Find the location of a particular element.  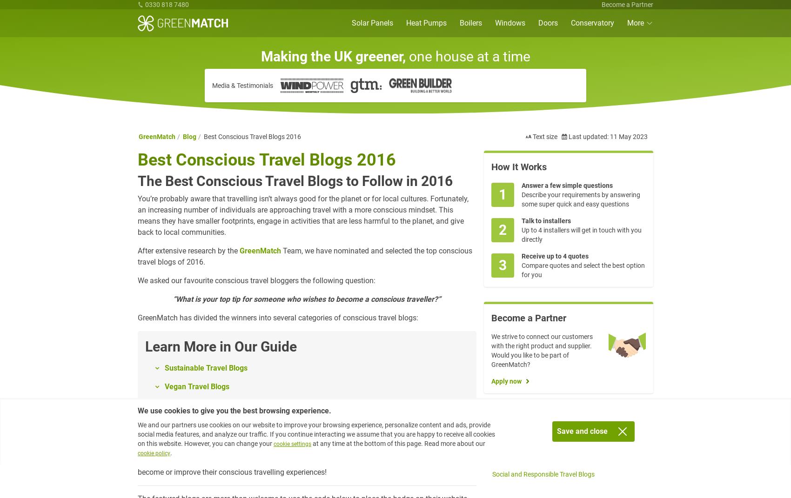

'2' is located at coordinates (499, 229).